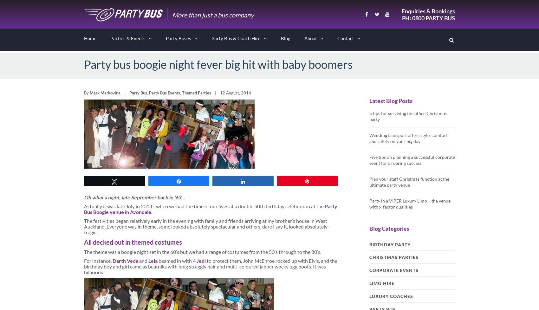 This screenshot has width=539, height=310. I want to click on 'The festivities began relatively early in the evening with family and friends arriving at my brother’s house in West Auckland. Everyone was in theme, some looked absolutely spectacular and others, dare I say it, looked absolutely tragic.', so click(206, 226).